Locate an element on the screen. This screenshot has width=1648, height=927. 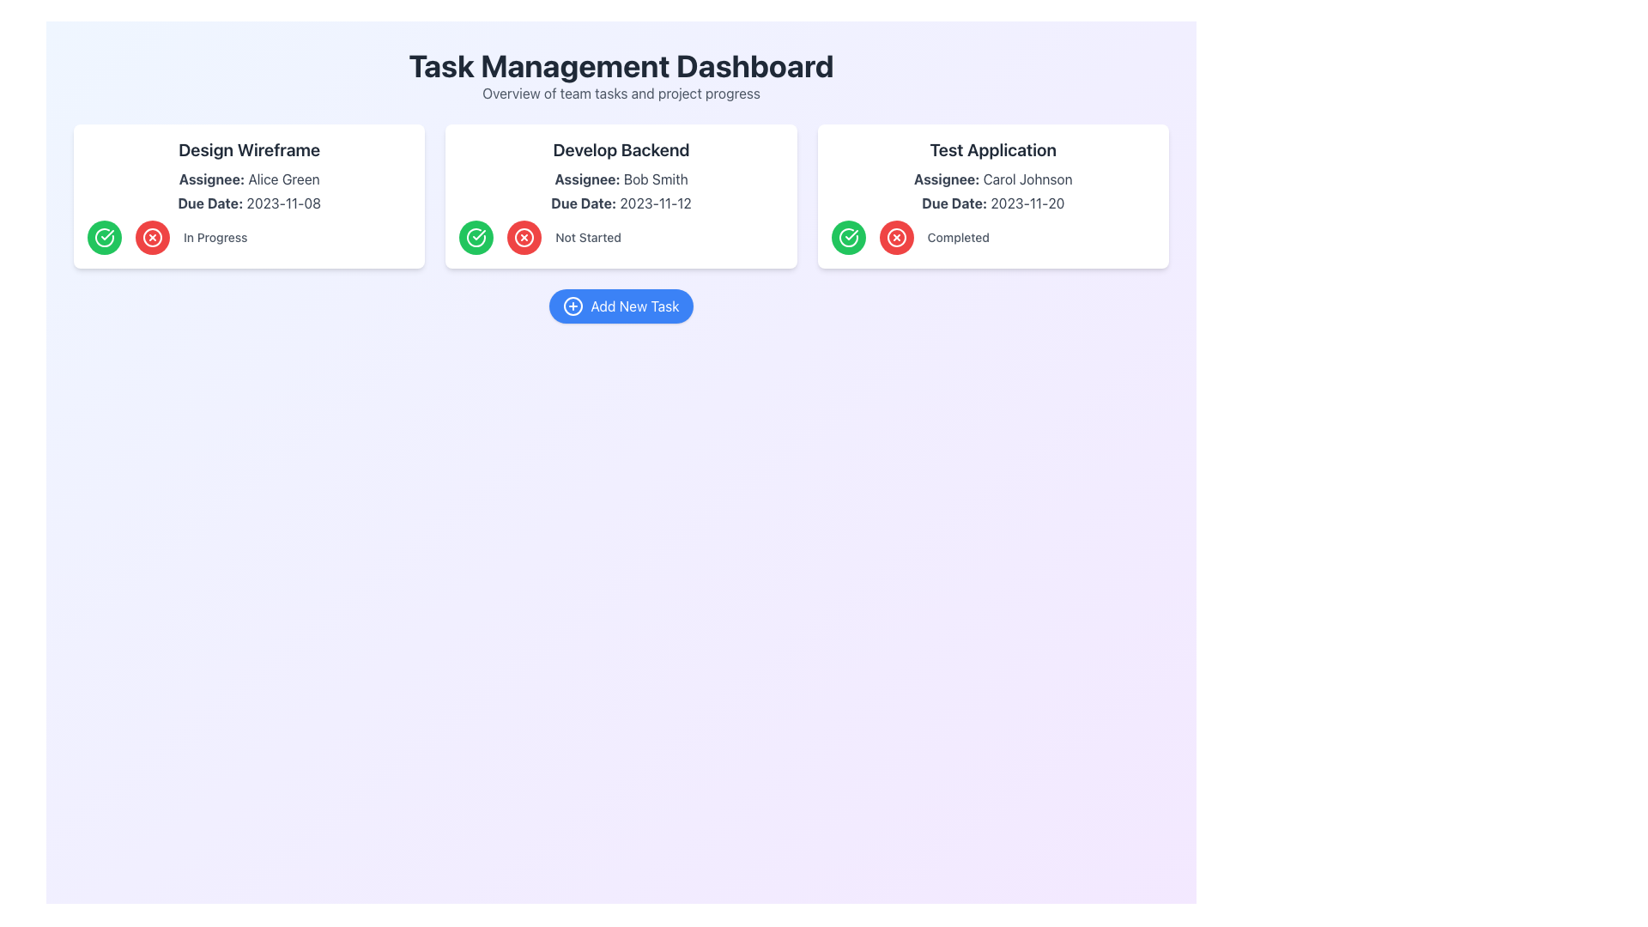
the circular red button with an embedded cross located within the 'Test Application' card, to the left of the 'Completed' text is located at coordinates (895, 238).